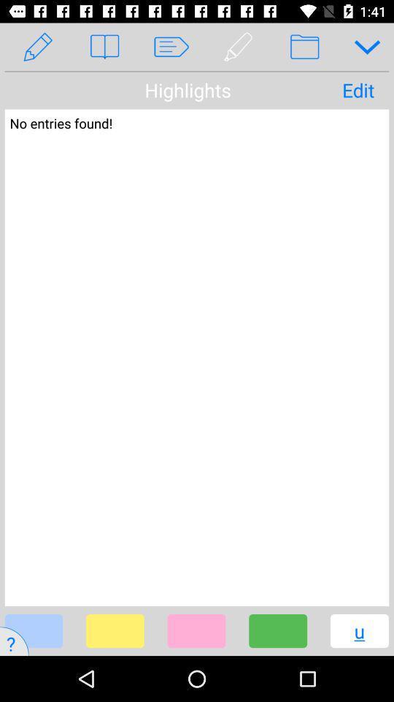  Describe the element at coordinates (104, 47) in the screenshot. I see `the book icon` at that location.